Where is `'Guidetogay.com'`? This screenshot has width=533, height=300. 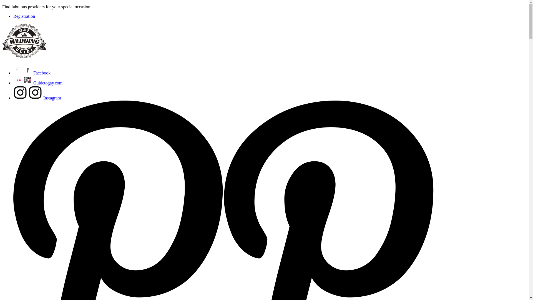 'Guidetogay.com' is located at coordinates (13, 83).